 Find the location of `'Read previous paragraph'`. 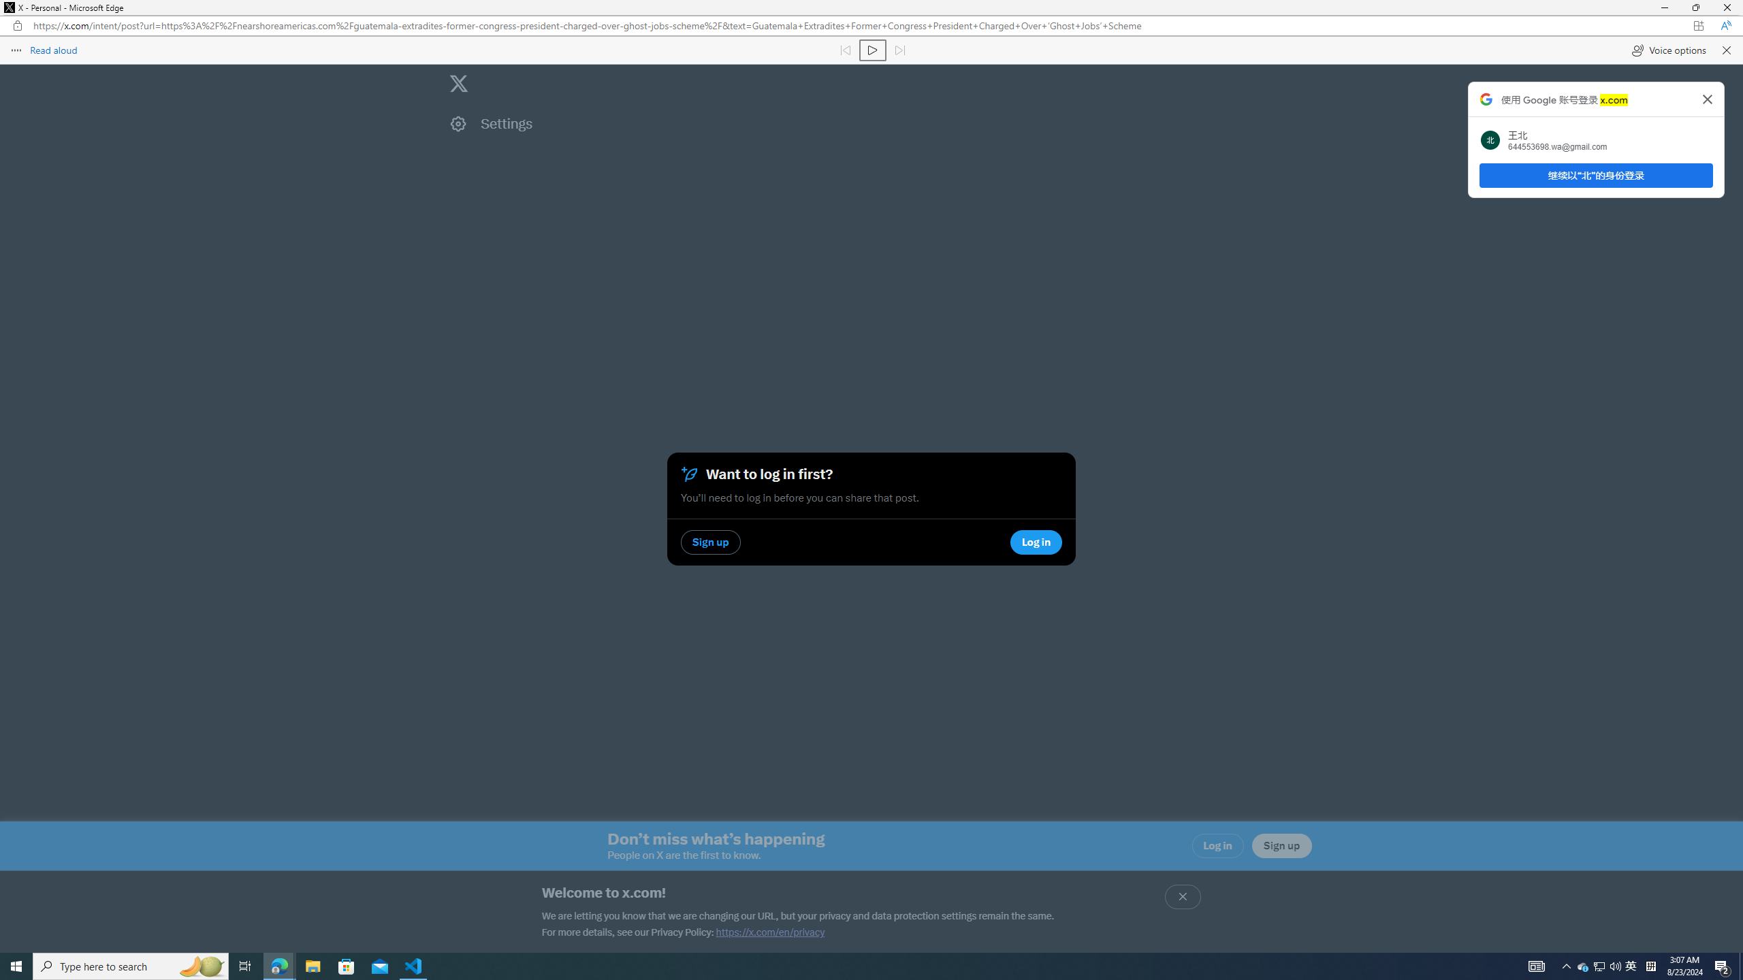

'Read previous paragraph' is located at coordinates (844, 49).